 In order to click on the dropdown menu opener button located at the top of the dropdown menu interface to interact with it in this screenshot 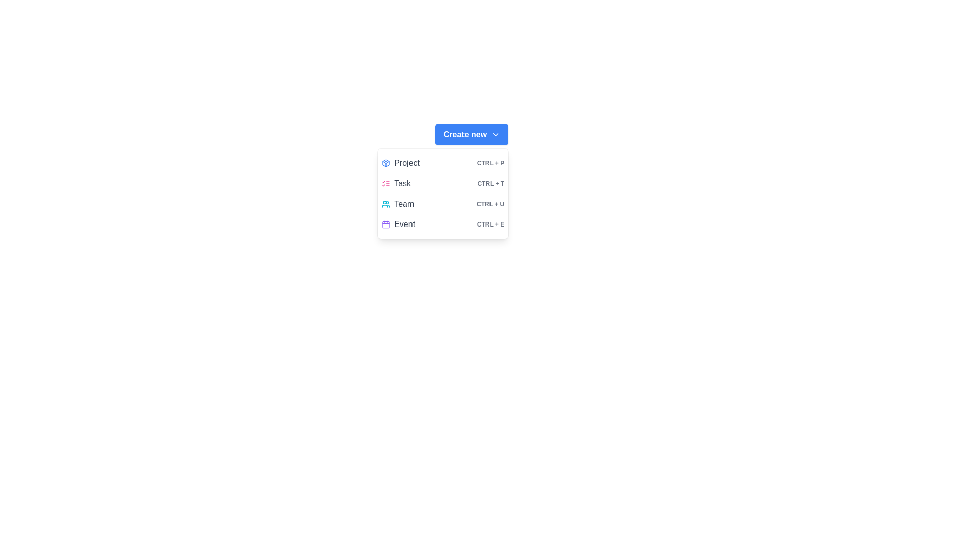, I will do `click(471, 134)`.